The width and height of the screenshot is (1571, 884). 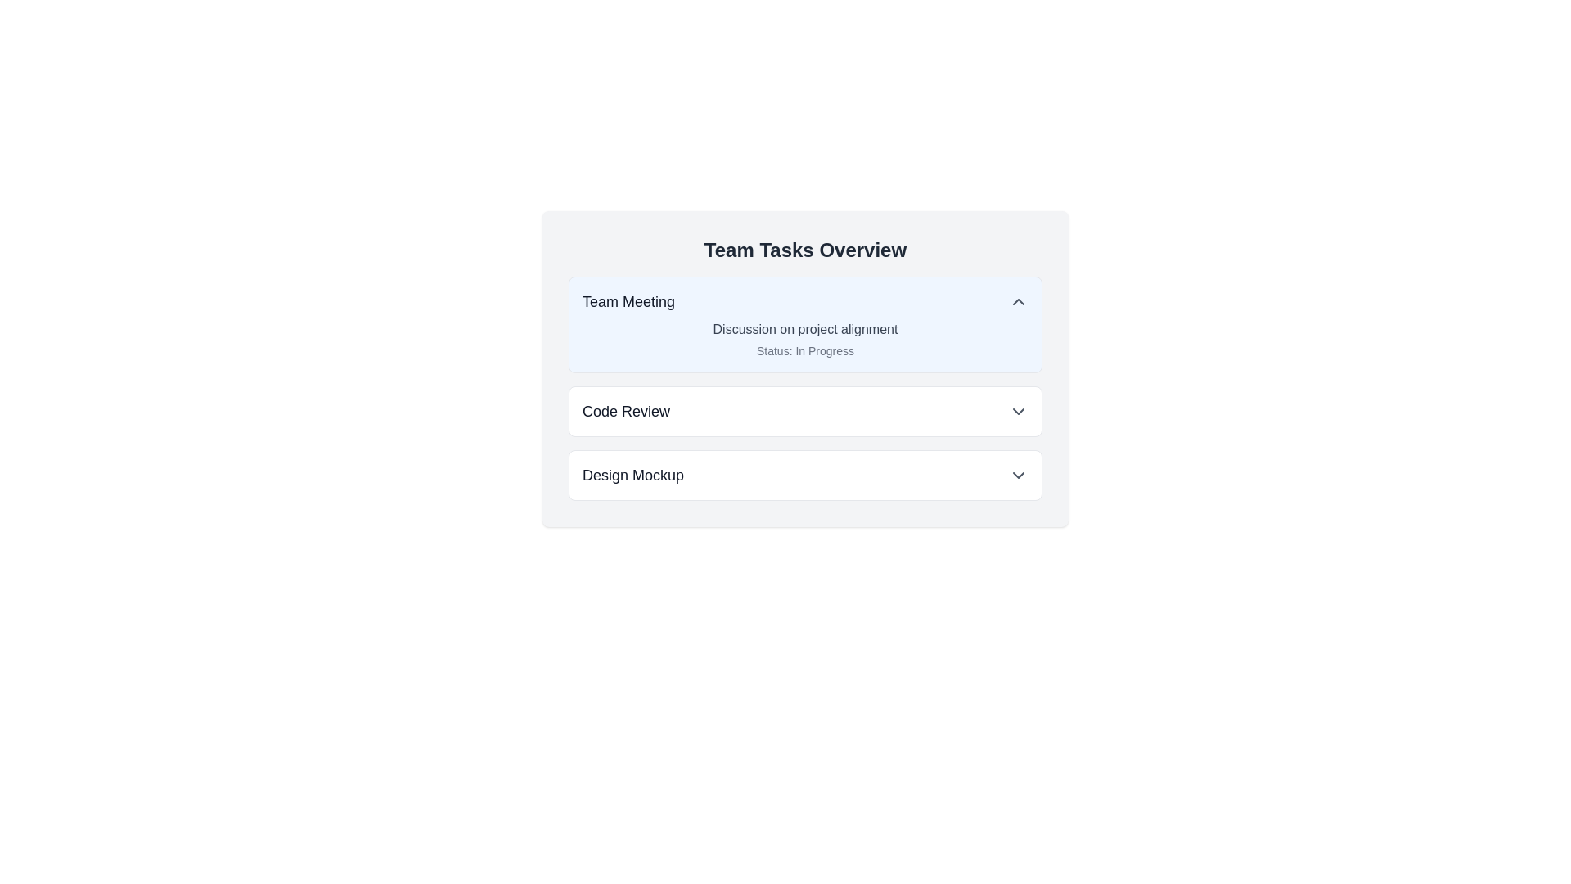 I want to click on the Text Label that serves as a heading for the task labeled 'Code Review', located in the second section of the task overview panel, directly below 'Team Meeting' and above 'Design Mockup', so click(x=625, y=410).